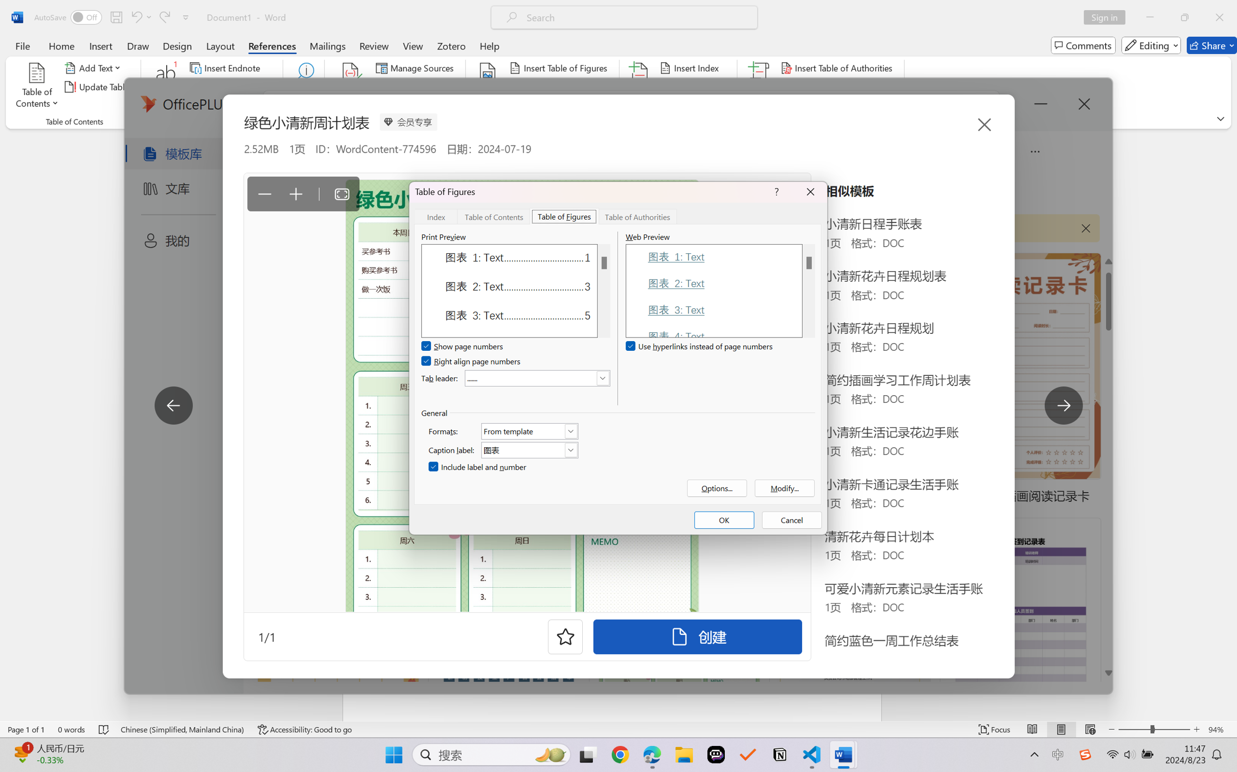 This screenshot has height=772, width=1237. What do you see at coordinates (717, 487) in the screenshot?
I see `'Options...'` at bounding box center [717, 487].